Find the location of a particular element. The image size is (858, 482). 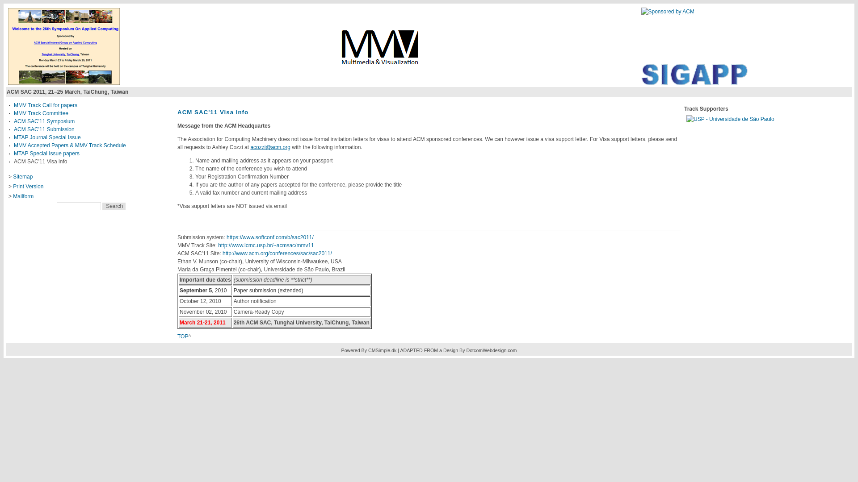

'https://www.softconf.com/b/sac2011/' is located at coordinates (269, 237).